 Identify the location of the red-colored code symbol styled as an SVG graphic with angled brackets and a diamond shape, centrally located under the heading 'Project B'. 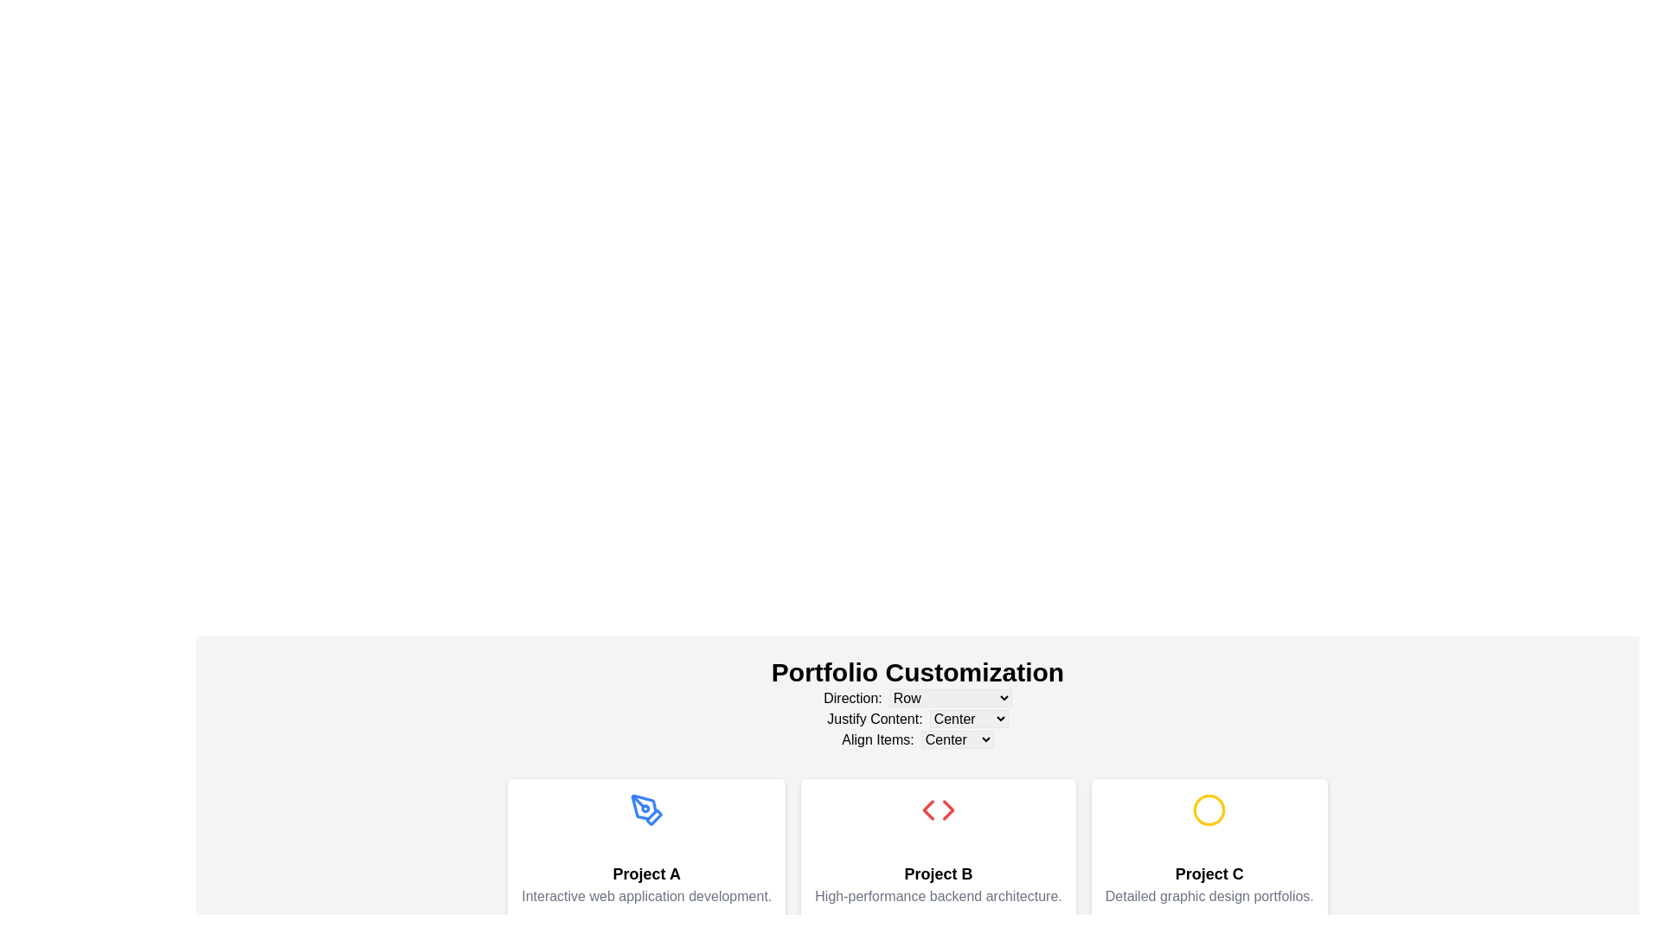
(937, 810).